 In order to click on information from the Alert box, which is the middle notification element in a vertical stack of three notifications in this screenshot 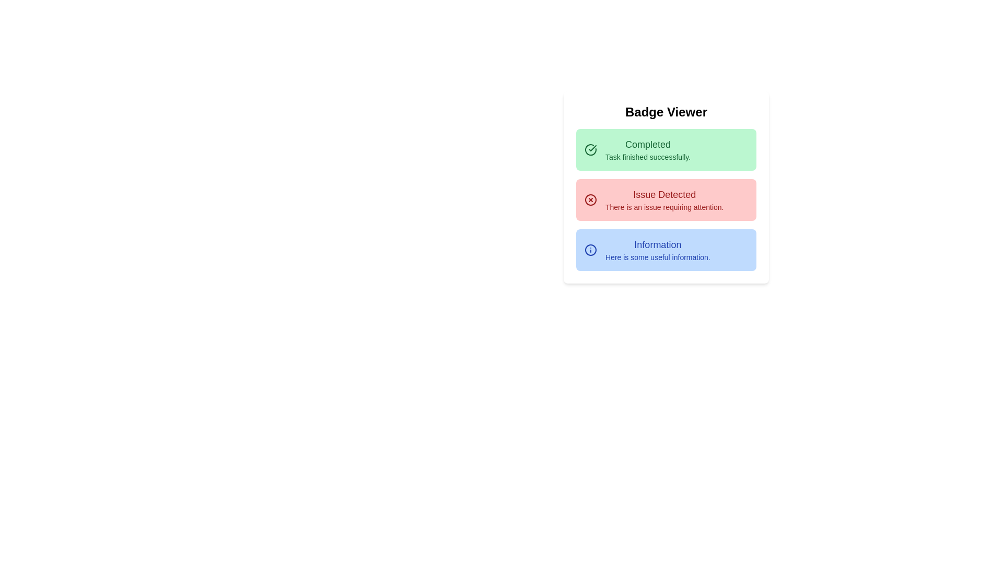, I will do `click(666, 199)`.